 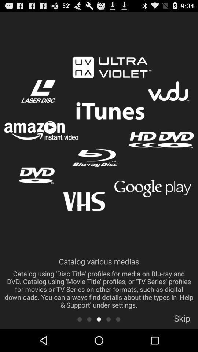 What do you see at coordinates (79, 319) in the screenshot?
I see `the icon below catalog various medias` at bounding box center [79, 319].